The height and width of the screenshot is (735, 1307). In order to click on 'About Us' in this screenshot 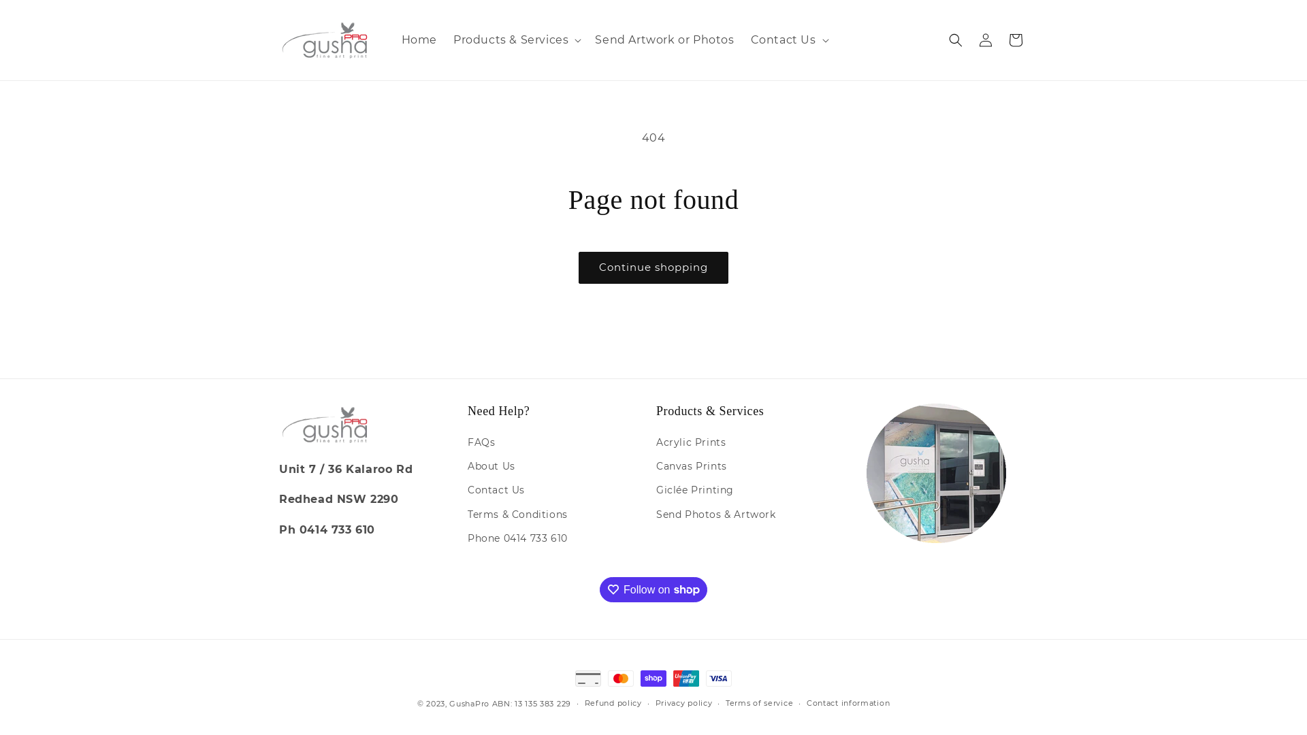, I will do `click(490, 465)`.